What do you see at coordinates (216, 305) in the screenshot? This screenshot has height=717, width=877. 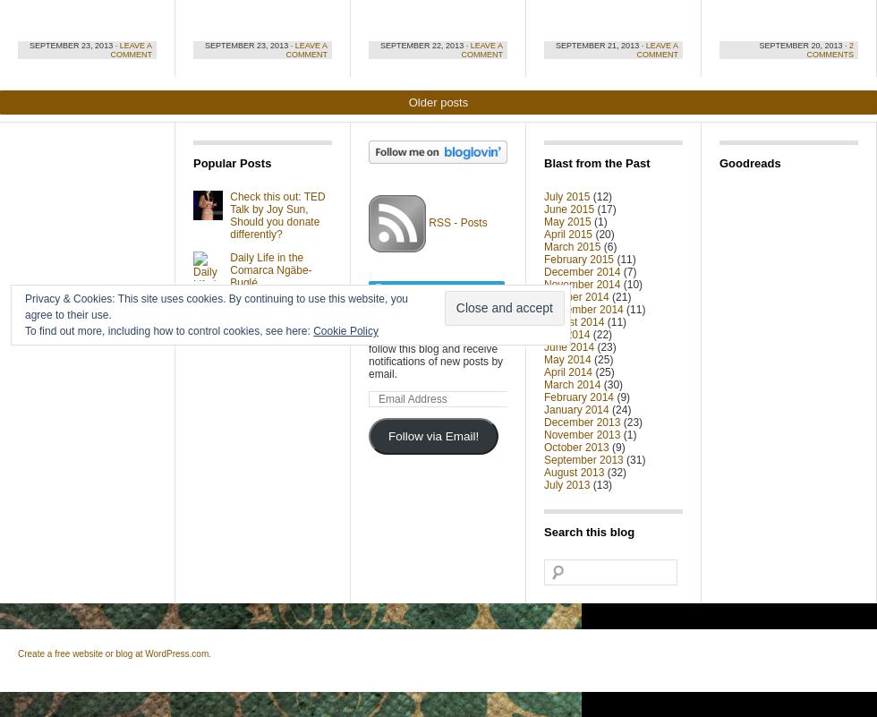 I see `'Privacy & Cookies: This site uses cookies. By continuing to use this website, you agree to their use.'` at bounding box center [216, 305].